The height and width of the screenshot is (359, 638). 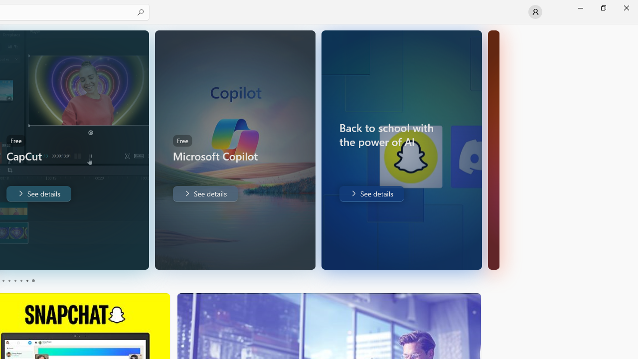 I want to click on 'Page 1', so click(x=2, y=281).